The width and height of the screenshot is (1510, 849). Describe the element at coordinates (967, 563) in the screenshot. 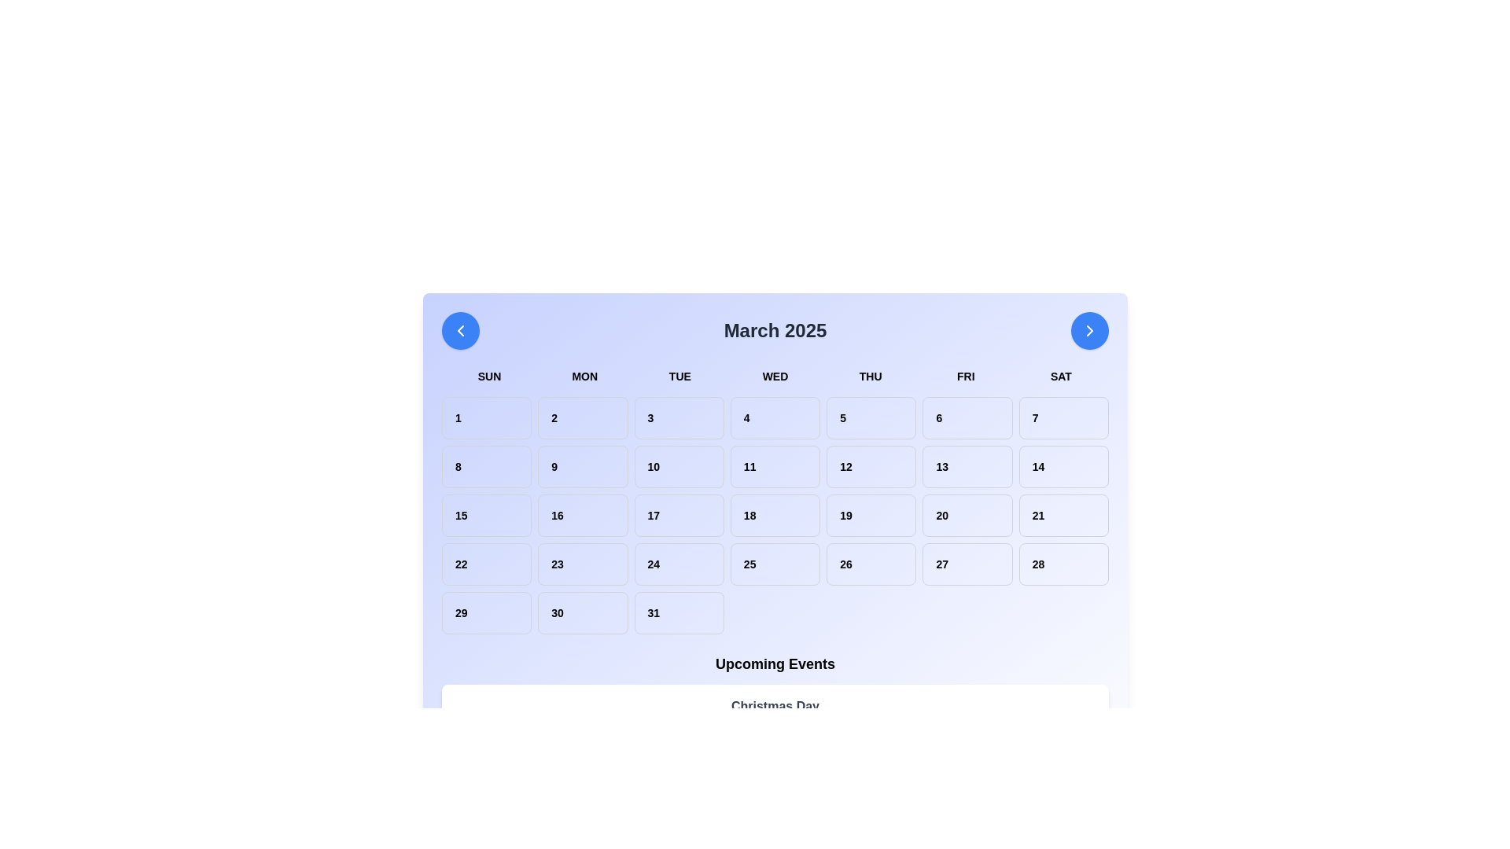

I see `the 27th day button in the calendar view` at that location.